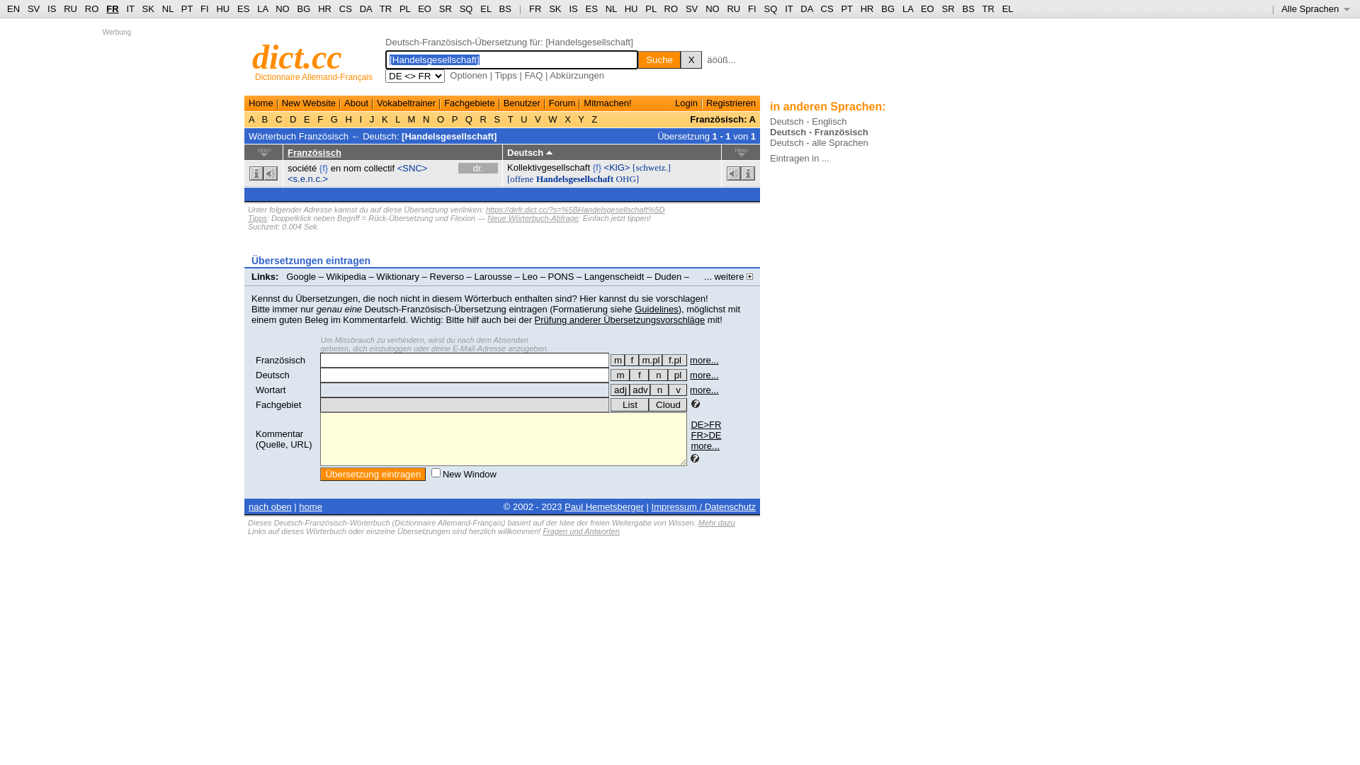 The image size is (1360, 765). What do you see at coordinates (379, 167) in the screenshot?
I see `'collectif'` at bounding box center [379, 167].